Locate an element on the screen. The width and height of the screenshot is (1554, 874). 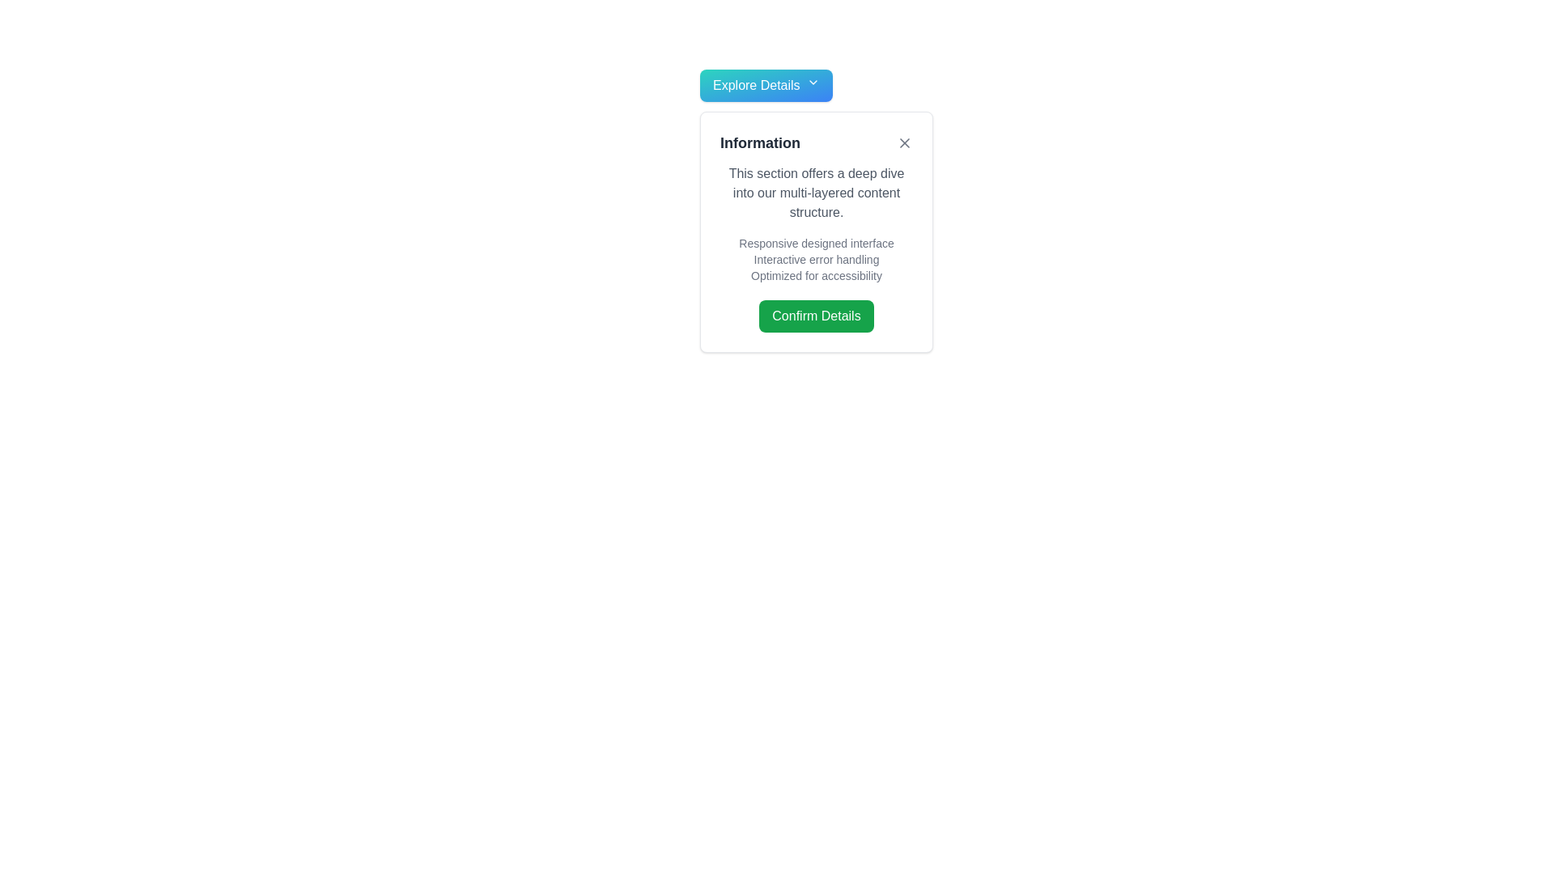
the chevron icon located at the end of the 'Explore Details' button, which indicates expandable functionality is located at coordinates (813, 82).